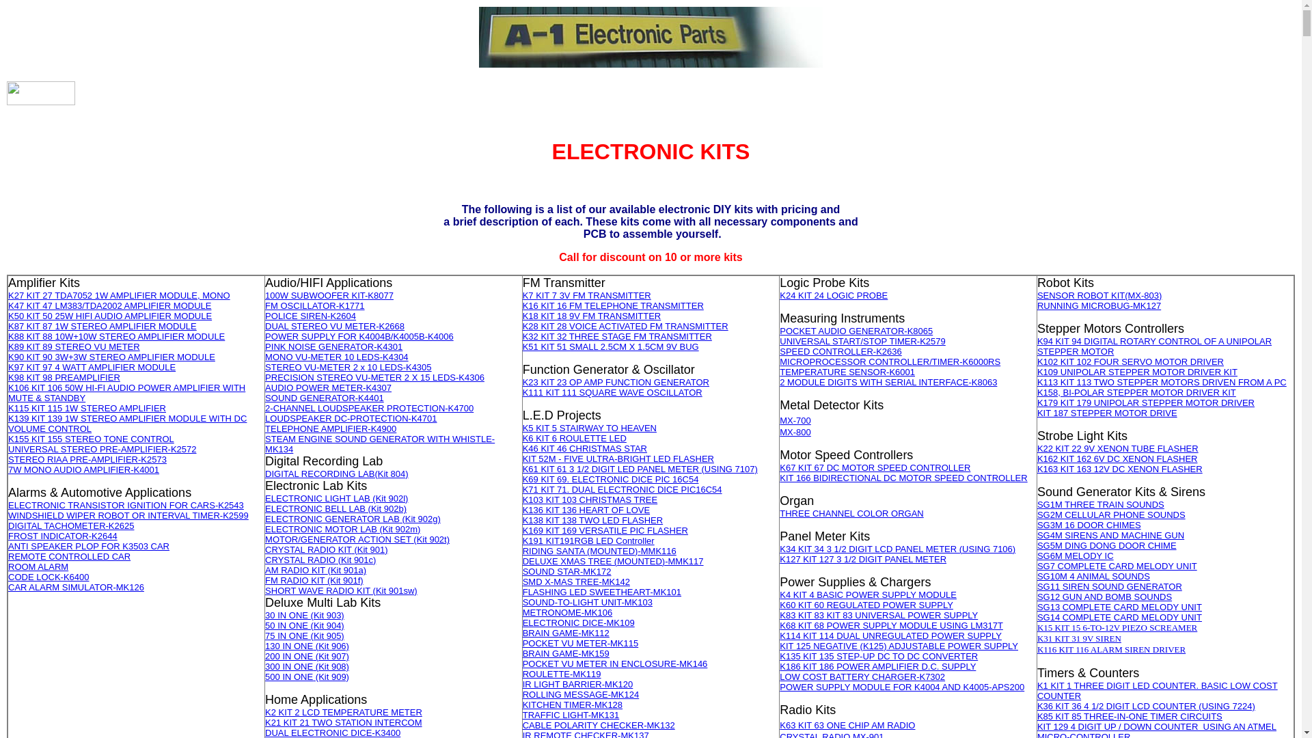 This screenshot has width=1312, height=738. What do you see at coordinates (573, 705) in the screenshot?
I see `'KITCHEN TIMER-MK128'` at bounding box center [573, 705].